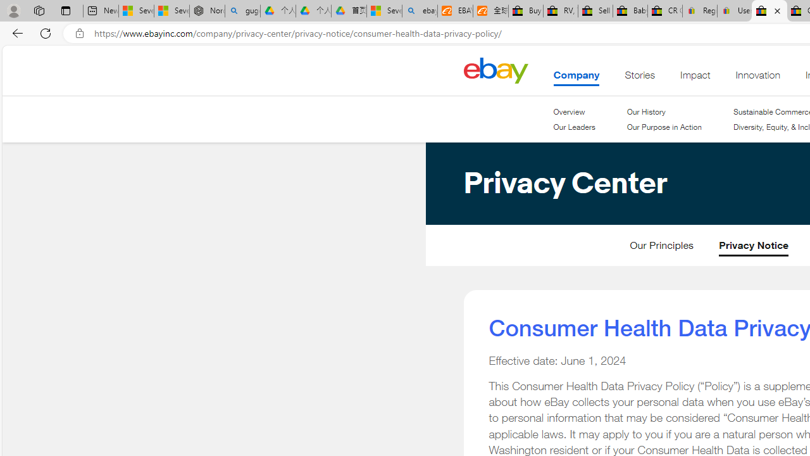 Image resolution: width=810 pixels, height=456 pixels. I want to click on 'Privacy Notice', so click(754, 248).